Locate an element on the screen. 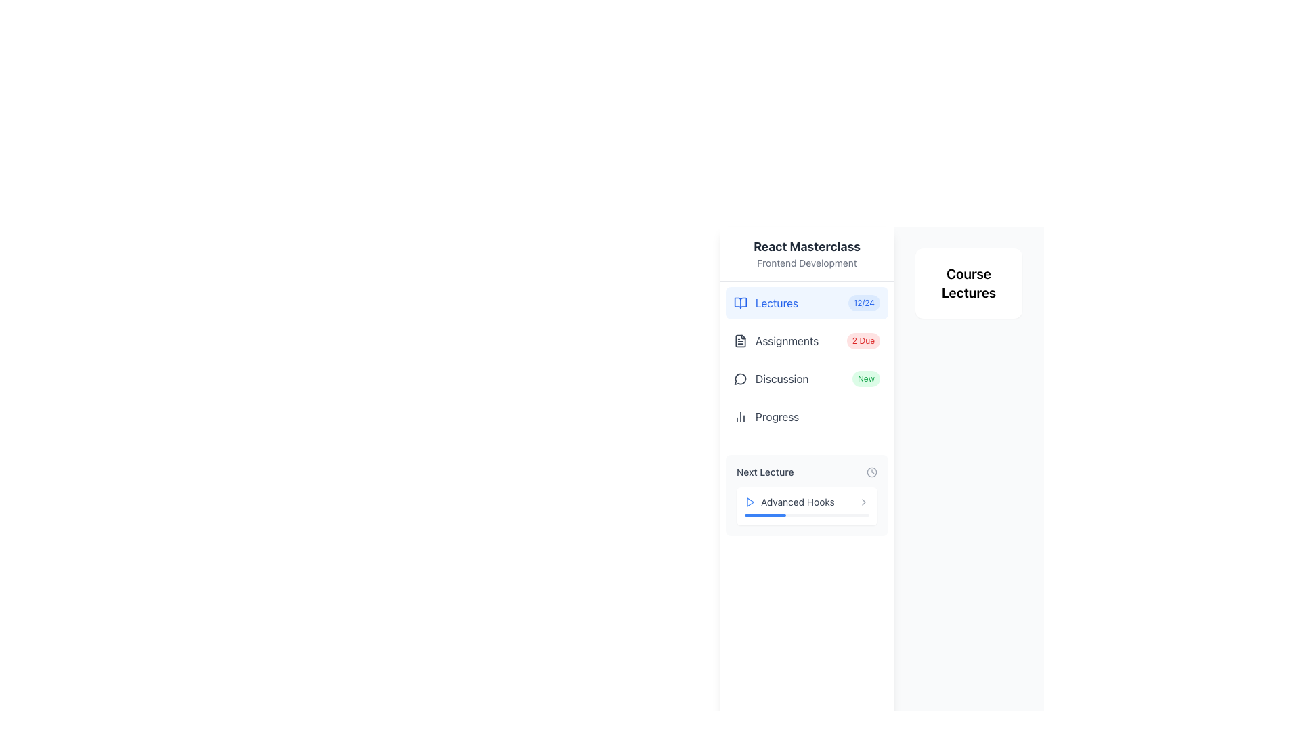 The image size is (1300, 731). the Play icon located to the left of the 'Advanced Hooks' text in the 'Next Lecture' section to initiate playback is located at coordinates (750, 502).